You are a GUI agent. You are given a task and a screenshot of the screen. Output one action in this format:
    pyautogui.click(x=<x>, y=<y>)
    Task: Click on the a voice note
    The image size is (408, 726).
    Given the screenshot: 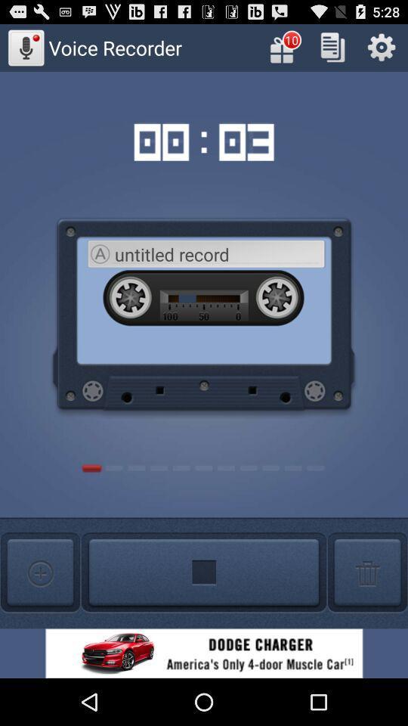 What is the action you would take?
    pyautogui.click(x=40, y=572)
    